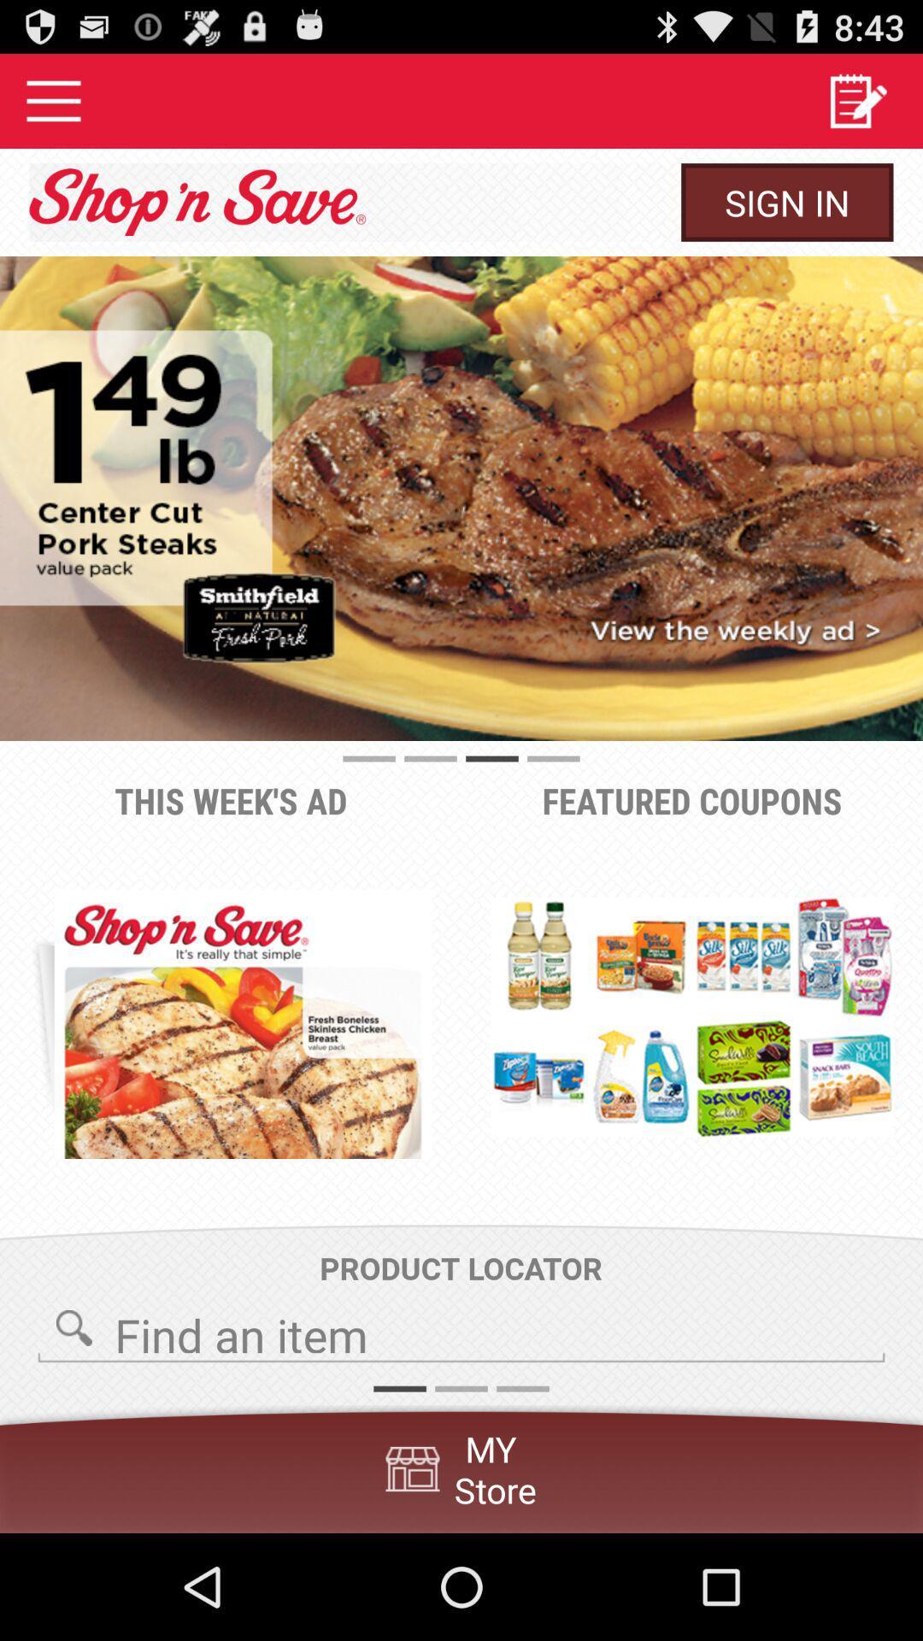 This screenshot has width=923, height=1641. I want to click on search function, so click(461, 1329).